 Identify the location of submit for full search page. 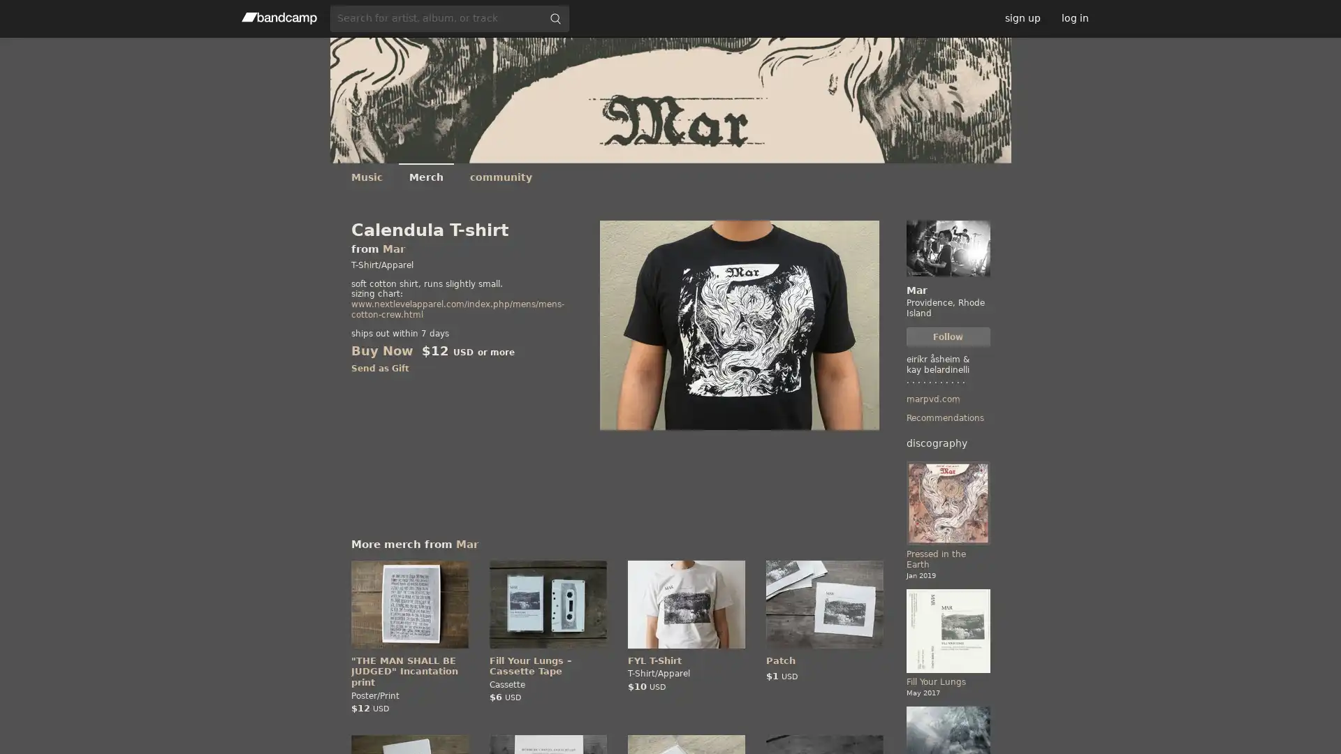
(555, 18).